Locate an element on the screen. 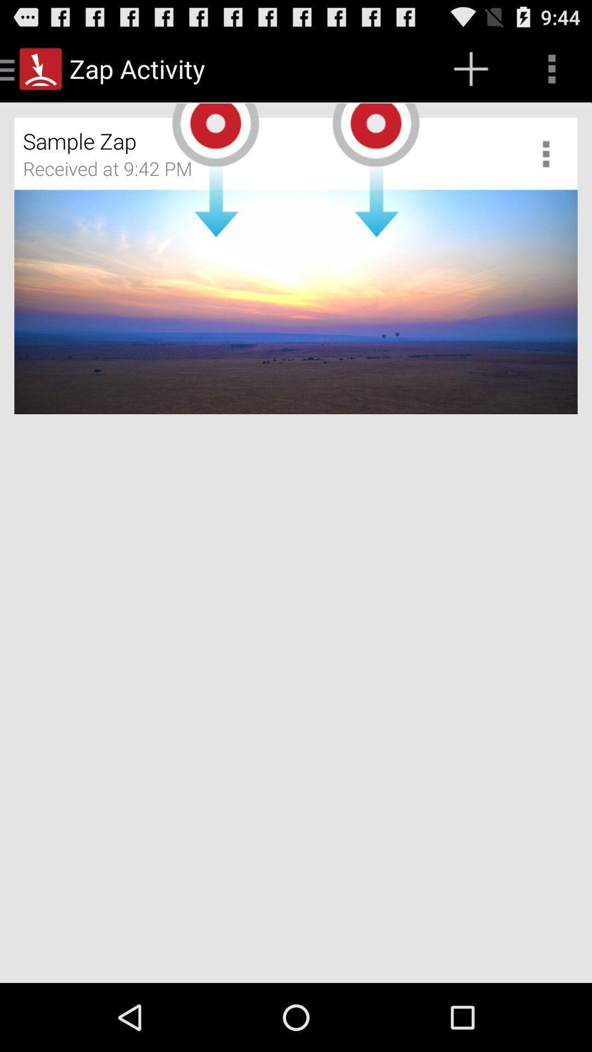 The image size is (592, 1052). the item below the sample zap app is located at coordinates (115, 172).